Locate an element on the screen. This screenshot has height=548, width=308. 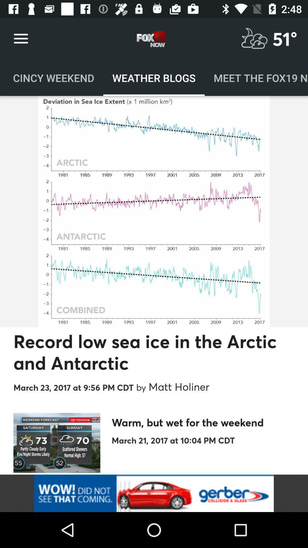
advertisement link is located at coordinates (154, 493).